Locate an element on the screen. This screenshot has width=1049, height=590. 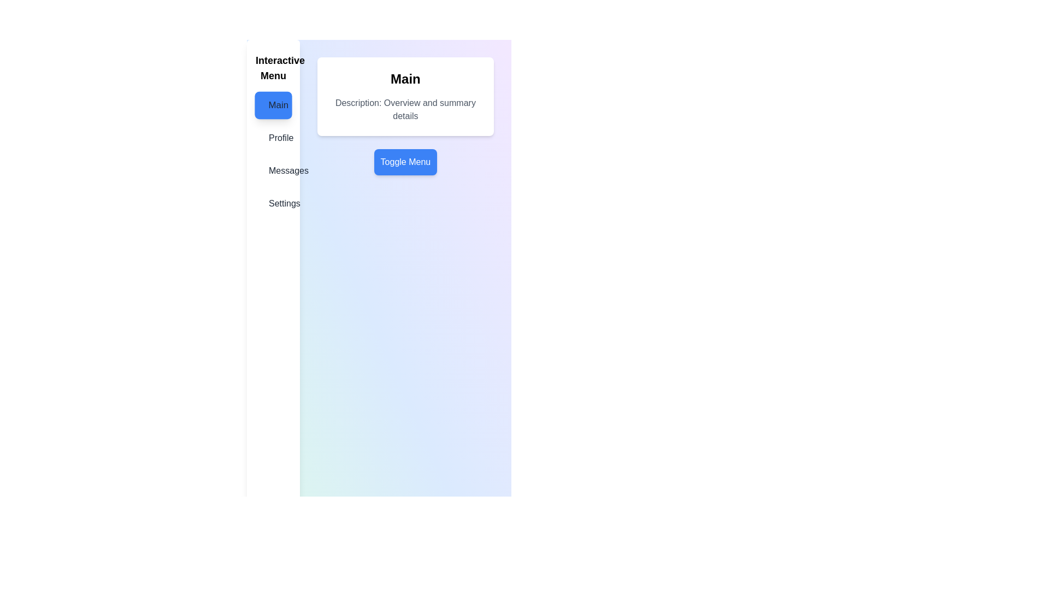
the menu item Messages from the menu is located at coordinates (273, 170).